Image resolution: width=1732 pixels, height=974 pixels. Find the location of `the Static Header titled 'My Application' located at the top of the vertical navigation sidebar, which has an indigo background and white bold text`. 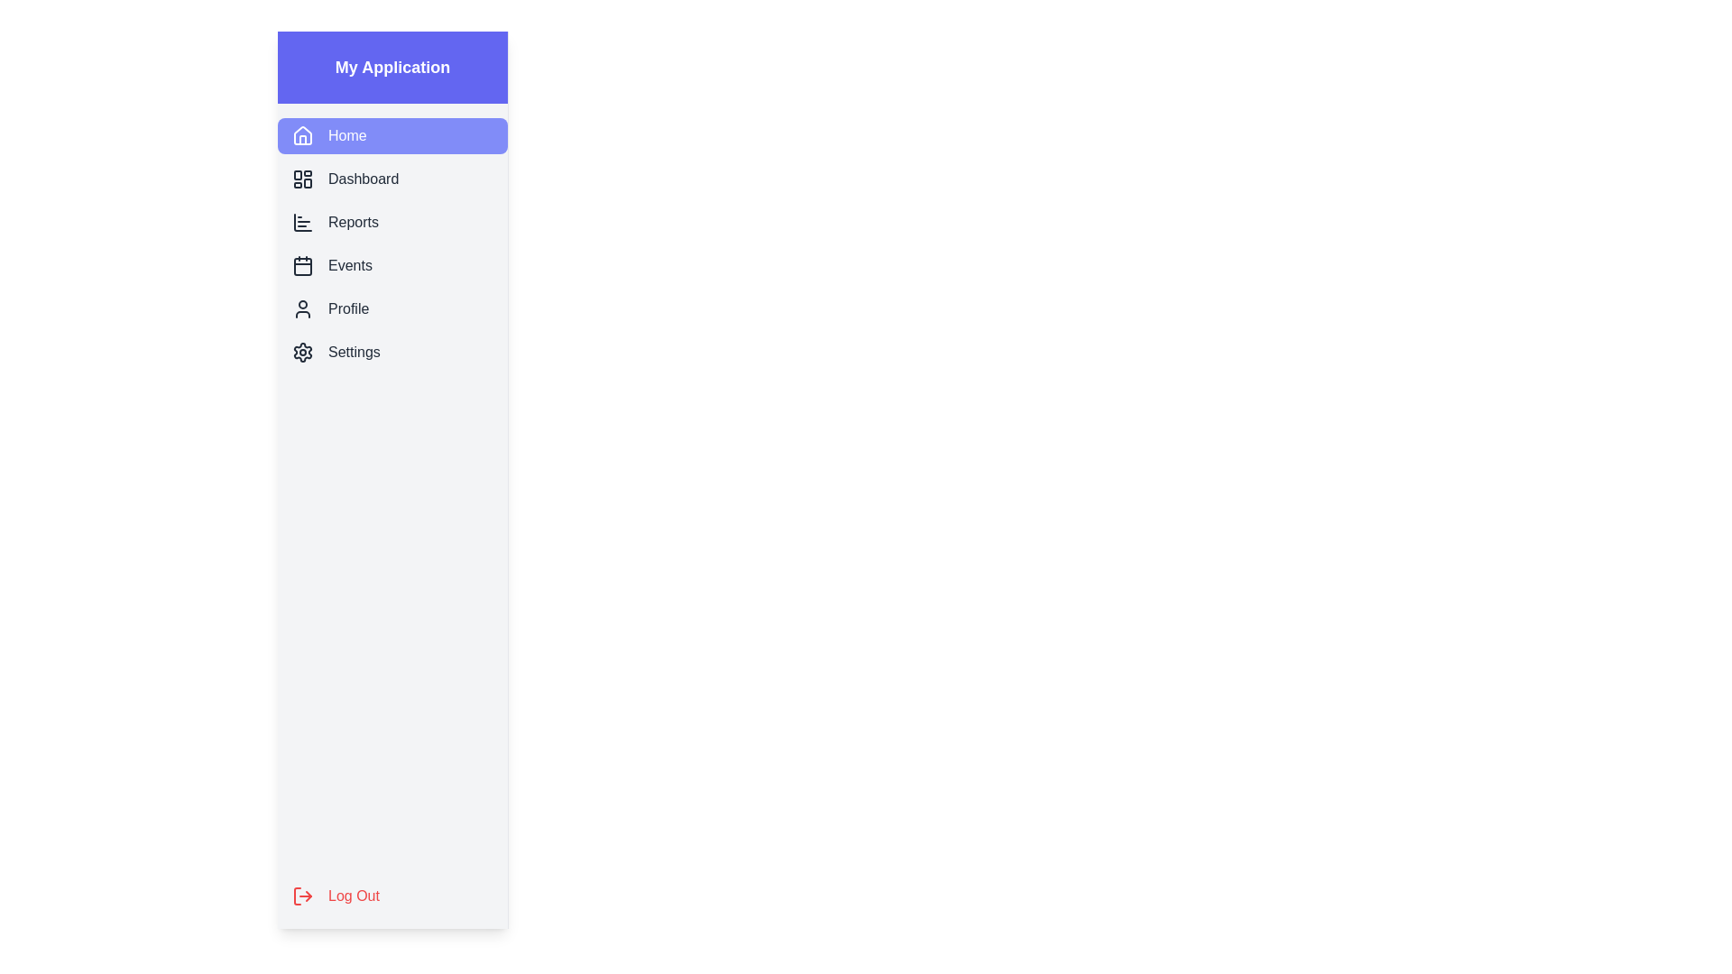

the Static Header titled 'My Application' located at the top of the vertical navigation sidebar, which has an indigo background and white bold text is located at coordinates (392, 66).